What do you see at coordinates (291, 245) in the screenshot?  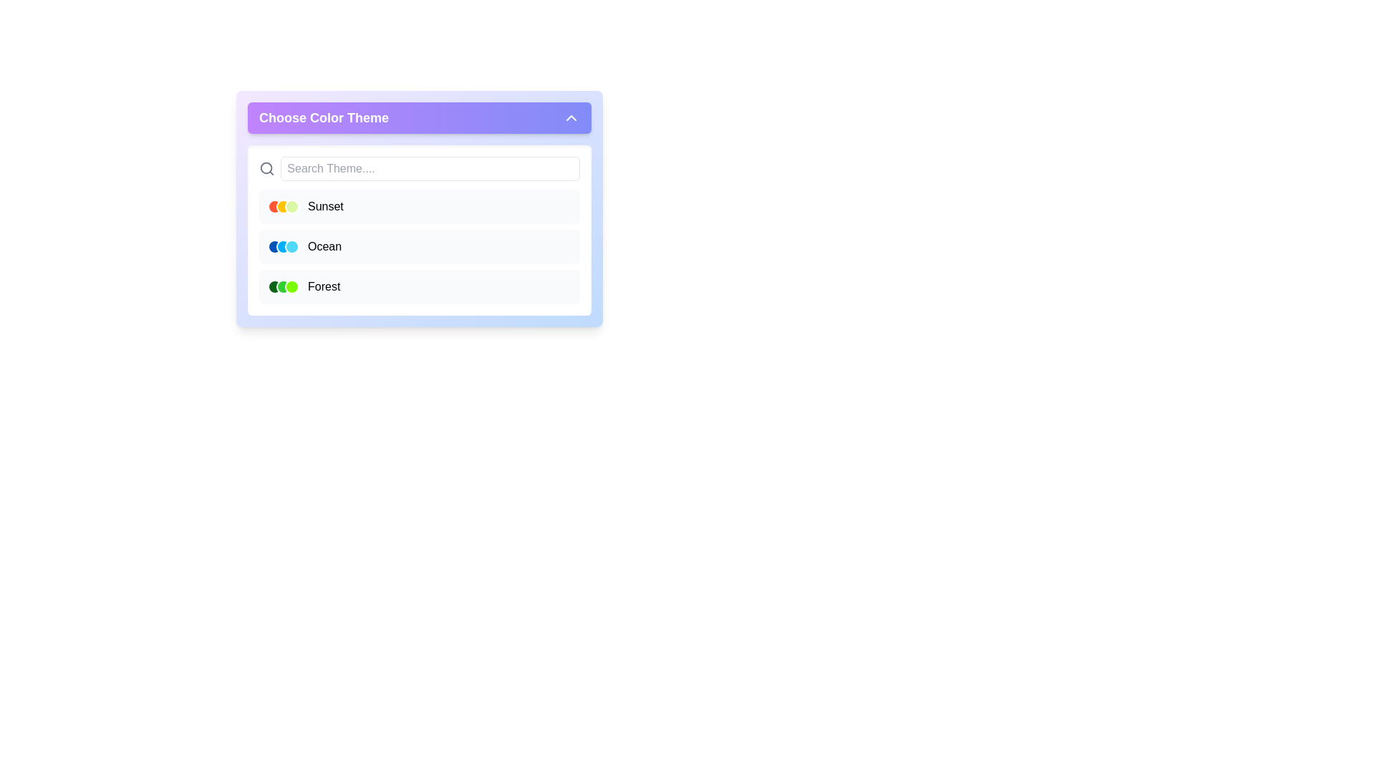 I see `the third circle from the left in a horizontal arrangement of three circles, which serves as a visual indicator of an associated theme's characteristic color` at bounding box center [291, 245].